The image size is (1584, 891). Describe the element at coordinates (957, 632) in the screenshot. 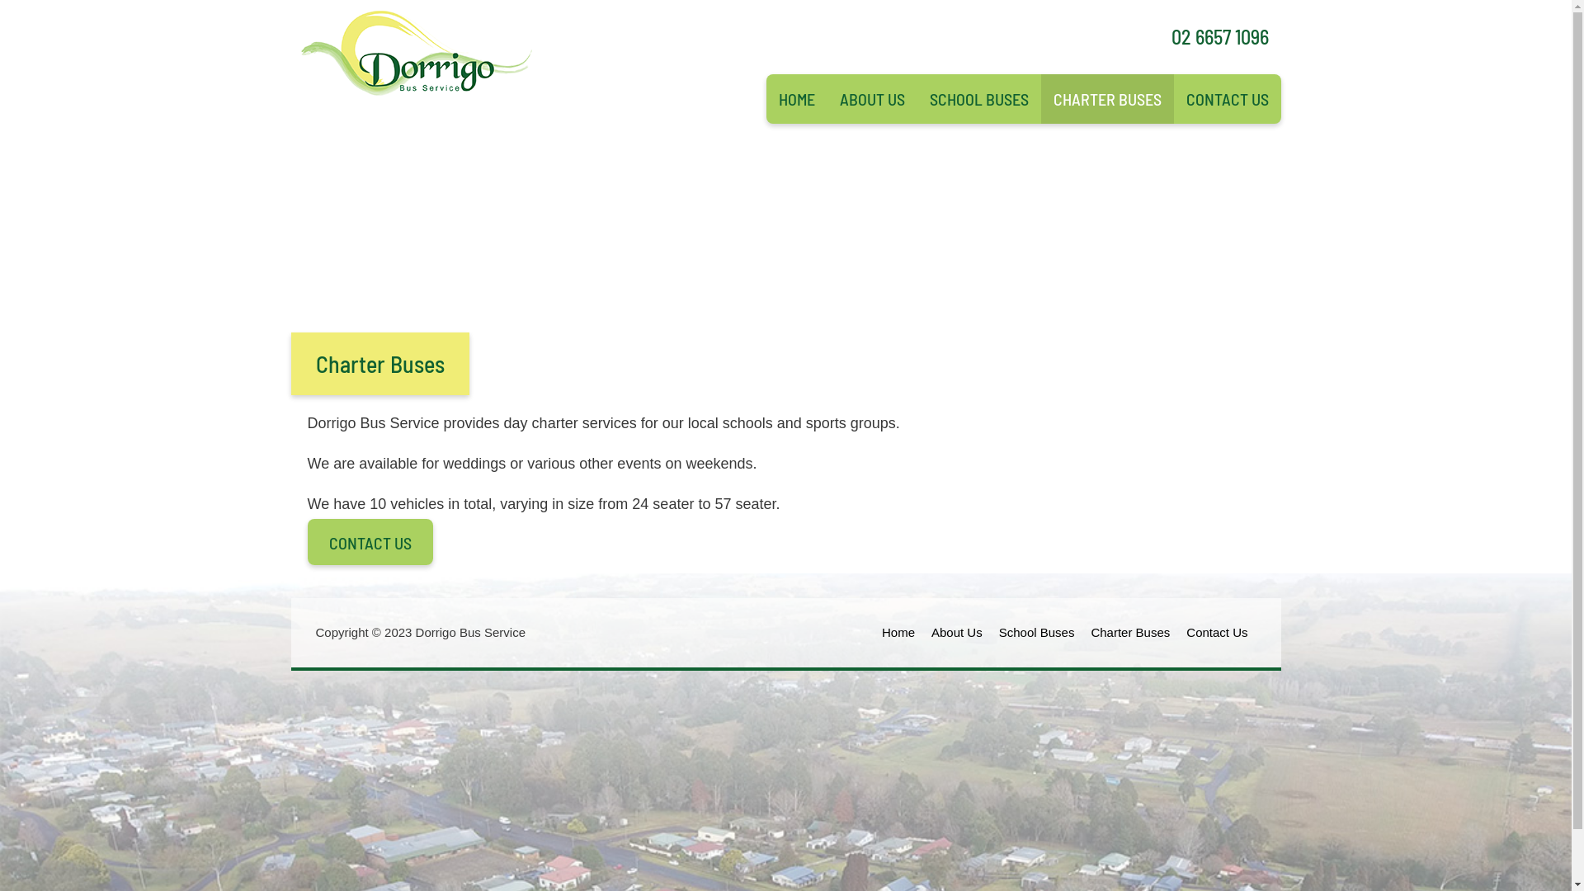

I see `'About Us'` at that location.